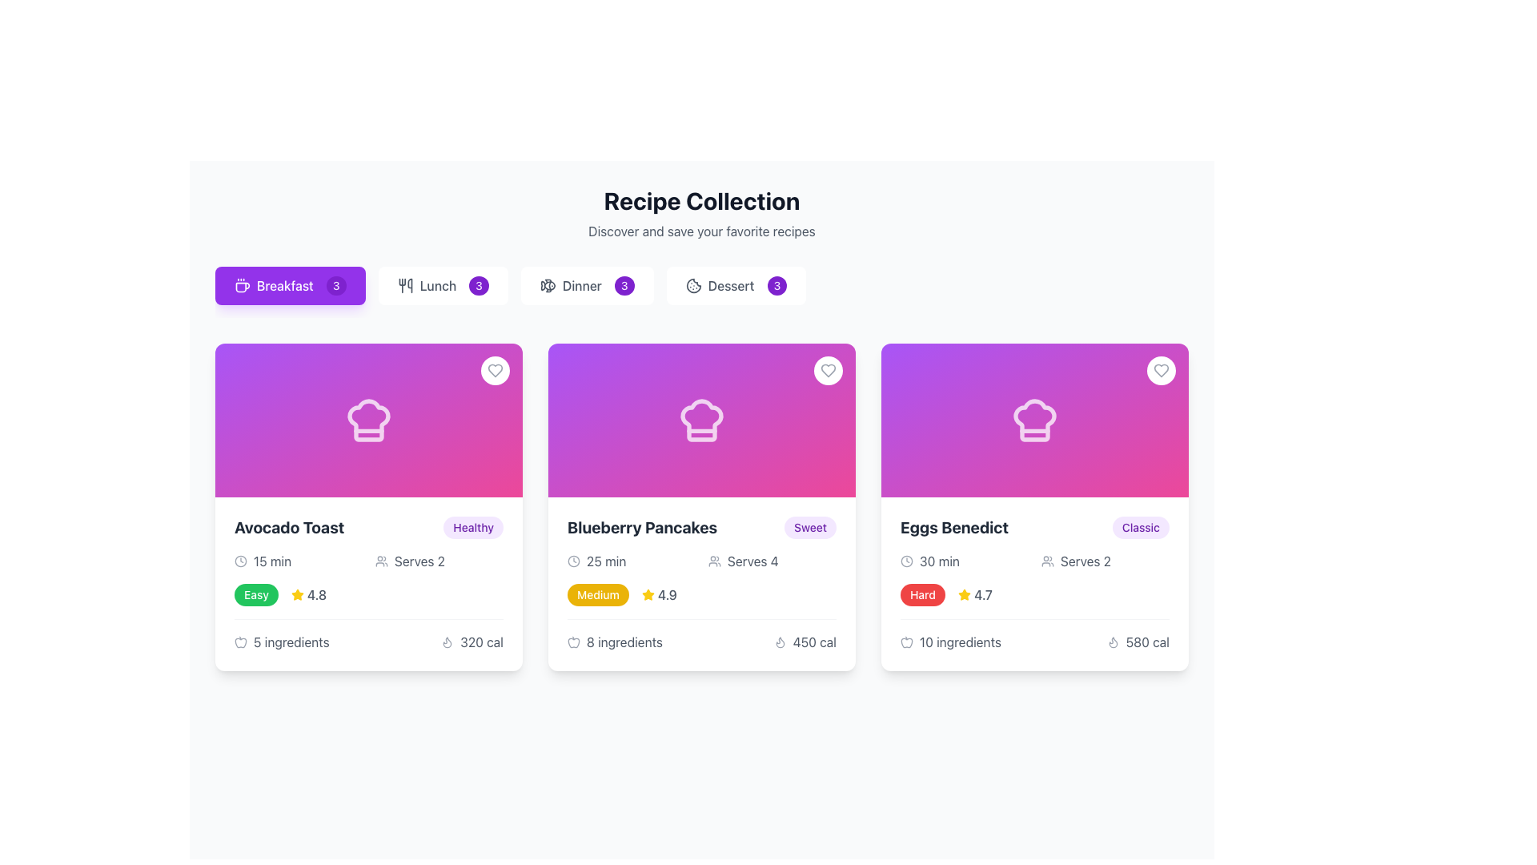 This screenshot has height=865, width=1537. I want to click on the informational label displaying '450 cal' beside the flame icon located at the bottom-right corner of the 'Blueberry Pancakes' card, so click(805, 642).